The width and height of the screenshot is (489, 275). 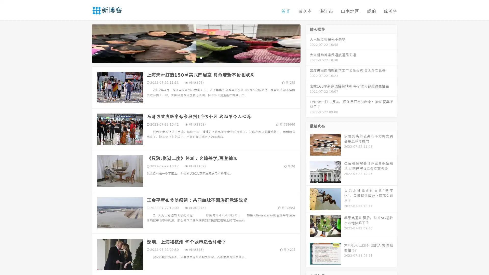 What do you see at coordinates (84, 43) in the screenshot?
I see `Previous slide` at bounding box center [84, 43].